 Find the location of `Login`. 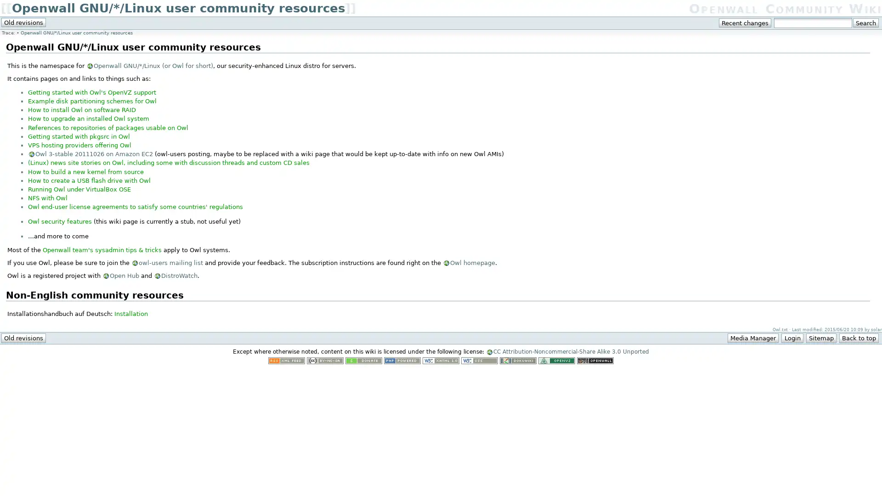

Login is located at coordinates (792, 338).